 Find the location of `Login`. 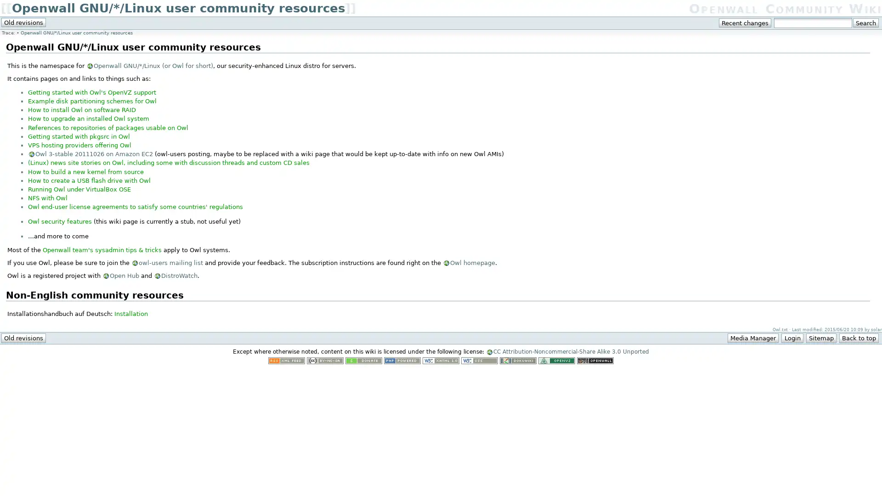

Login is located at coordinates (792, 338).